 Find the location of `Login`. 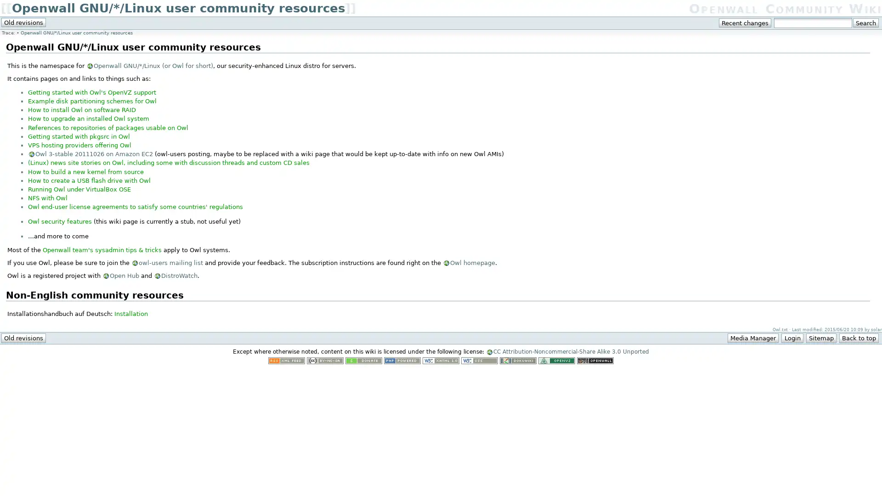

Login is located at coordinates (792, 338).